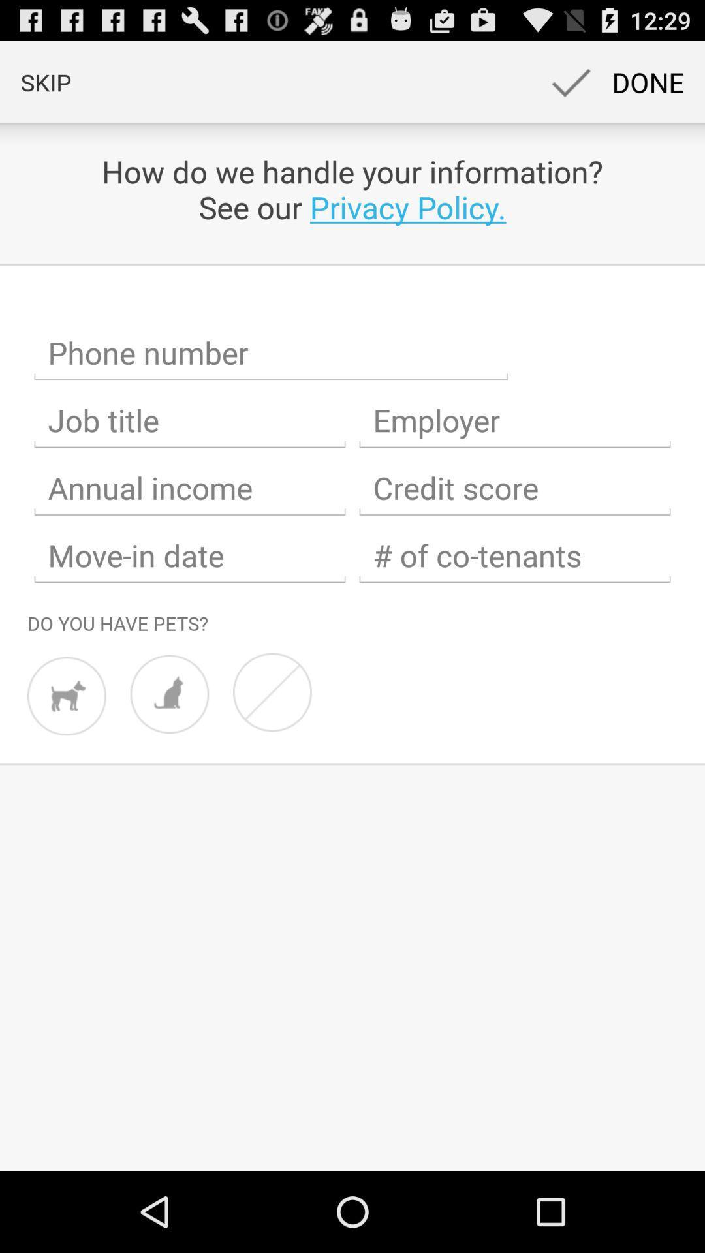 This screenshot has width=705, height=1253. What do you see at coordinates (168, 693) in the screenshot?
I see `cat` at bounding box center [168, 693].